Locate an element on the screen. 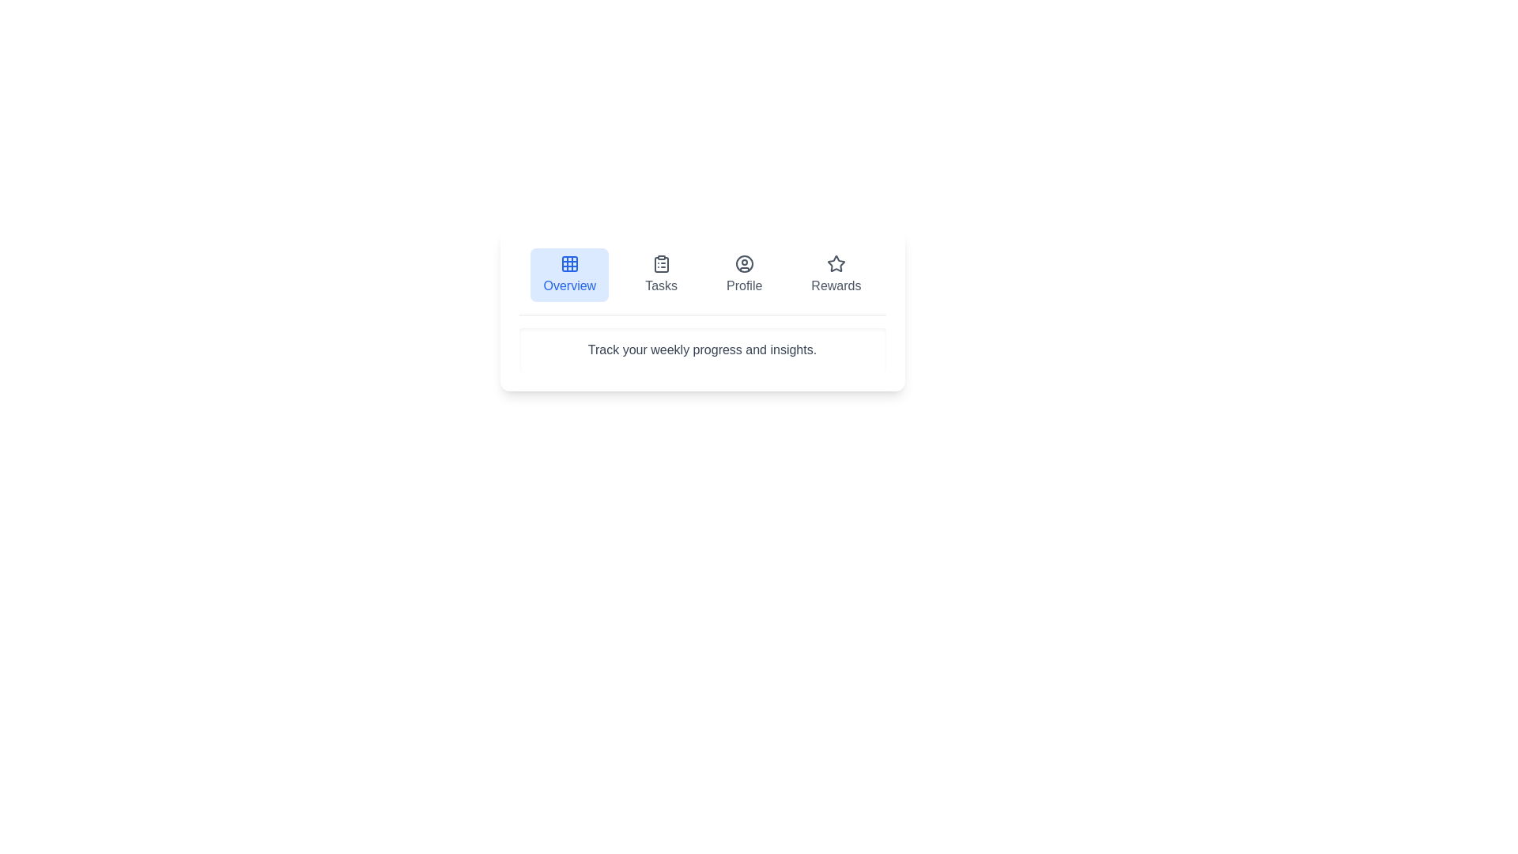  the profile icon, which is the third button from the left in the horizontal navigation menu is located at coordinates (743, 263).